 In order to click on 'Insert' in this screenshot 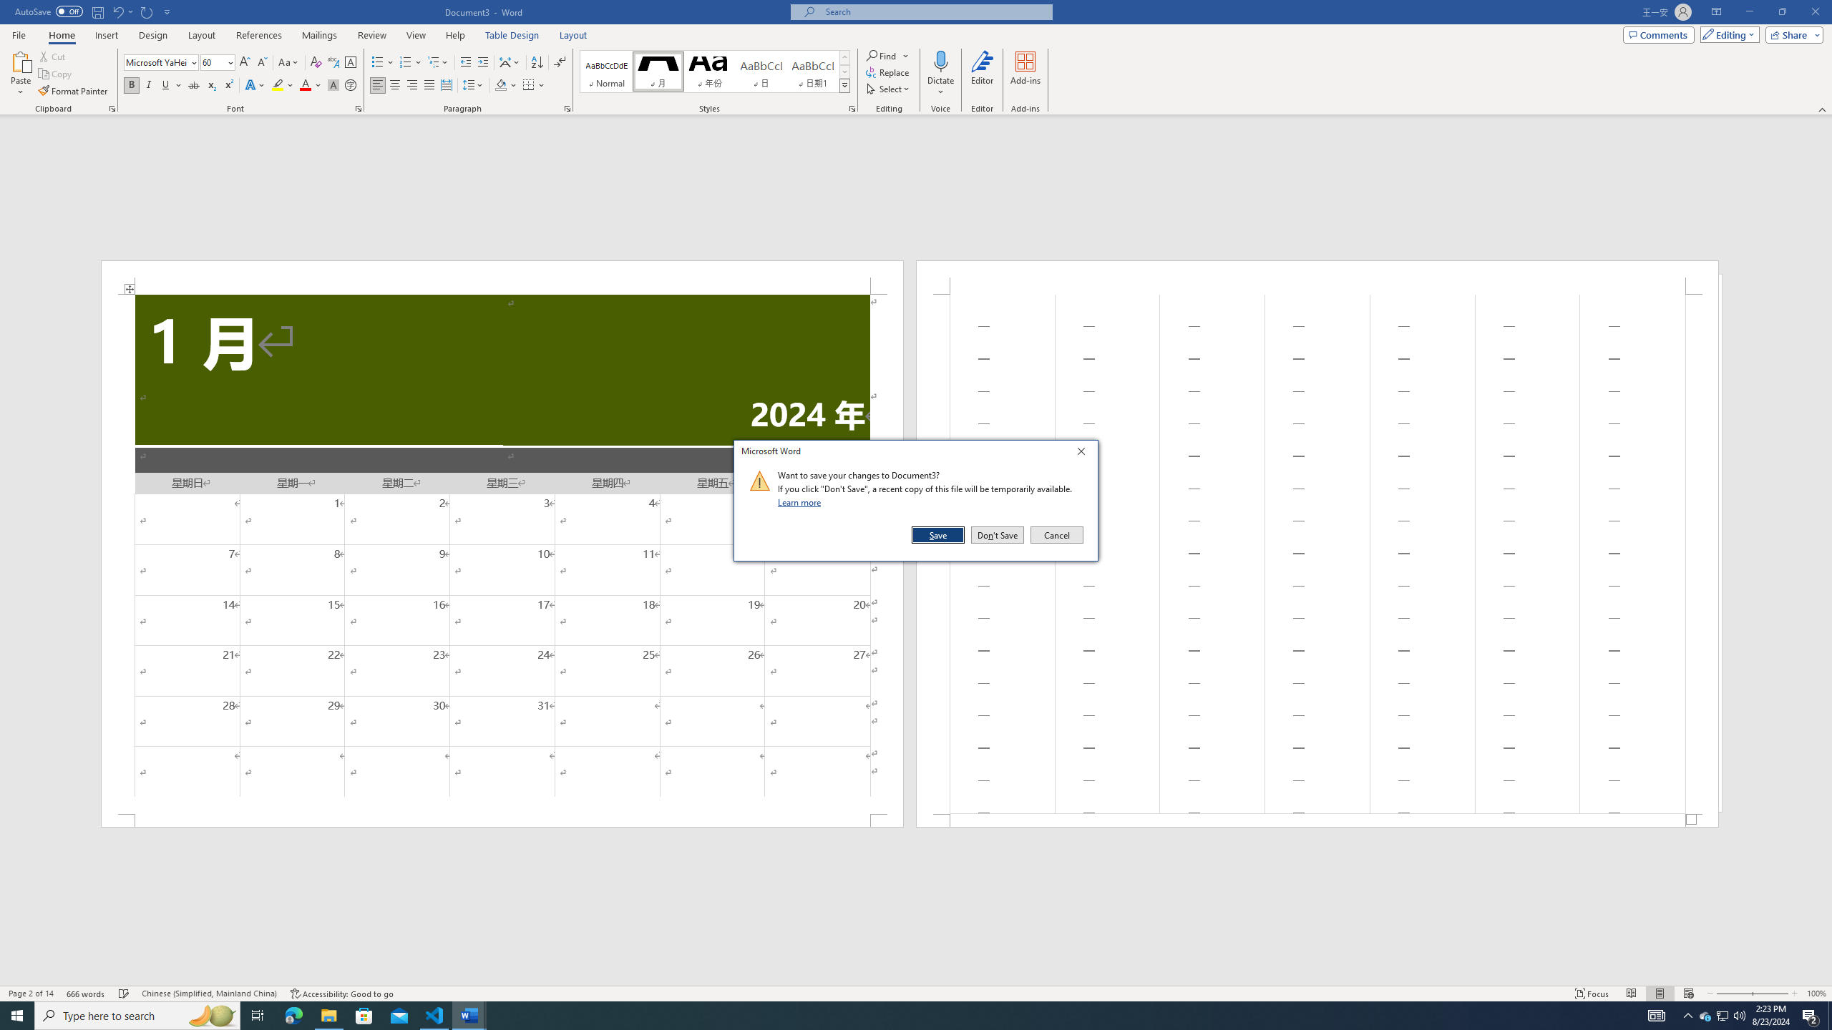, I will do `click(105, 35)`.